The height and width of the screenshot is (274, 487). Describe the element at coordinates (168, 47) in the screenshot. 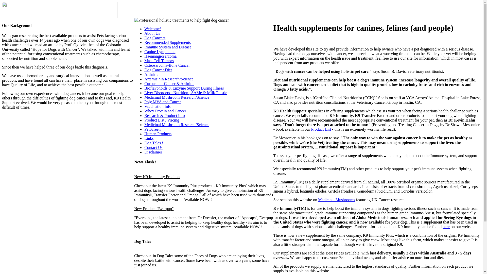

I see `'Immune System and Disease'` at that location.